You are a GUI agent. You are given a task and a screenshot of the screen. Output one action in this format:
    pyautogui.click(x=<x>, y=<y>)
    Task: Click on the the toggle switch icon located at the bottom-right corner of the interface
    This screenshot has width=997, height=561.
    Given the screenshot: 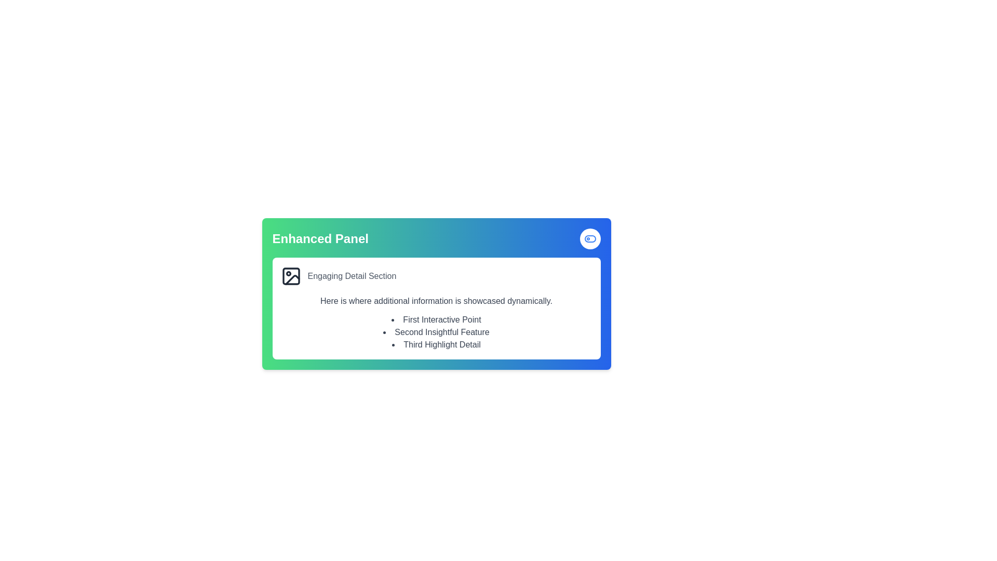 What is the action you would take?
    pyautogui.click(x=590, y=238)
    